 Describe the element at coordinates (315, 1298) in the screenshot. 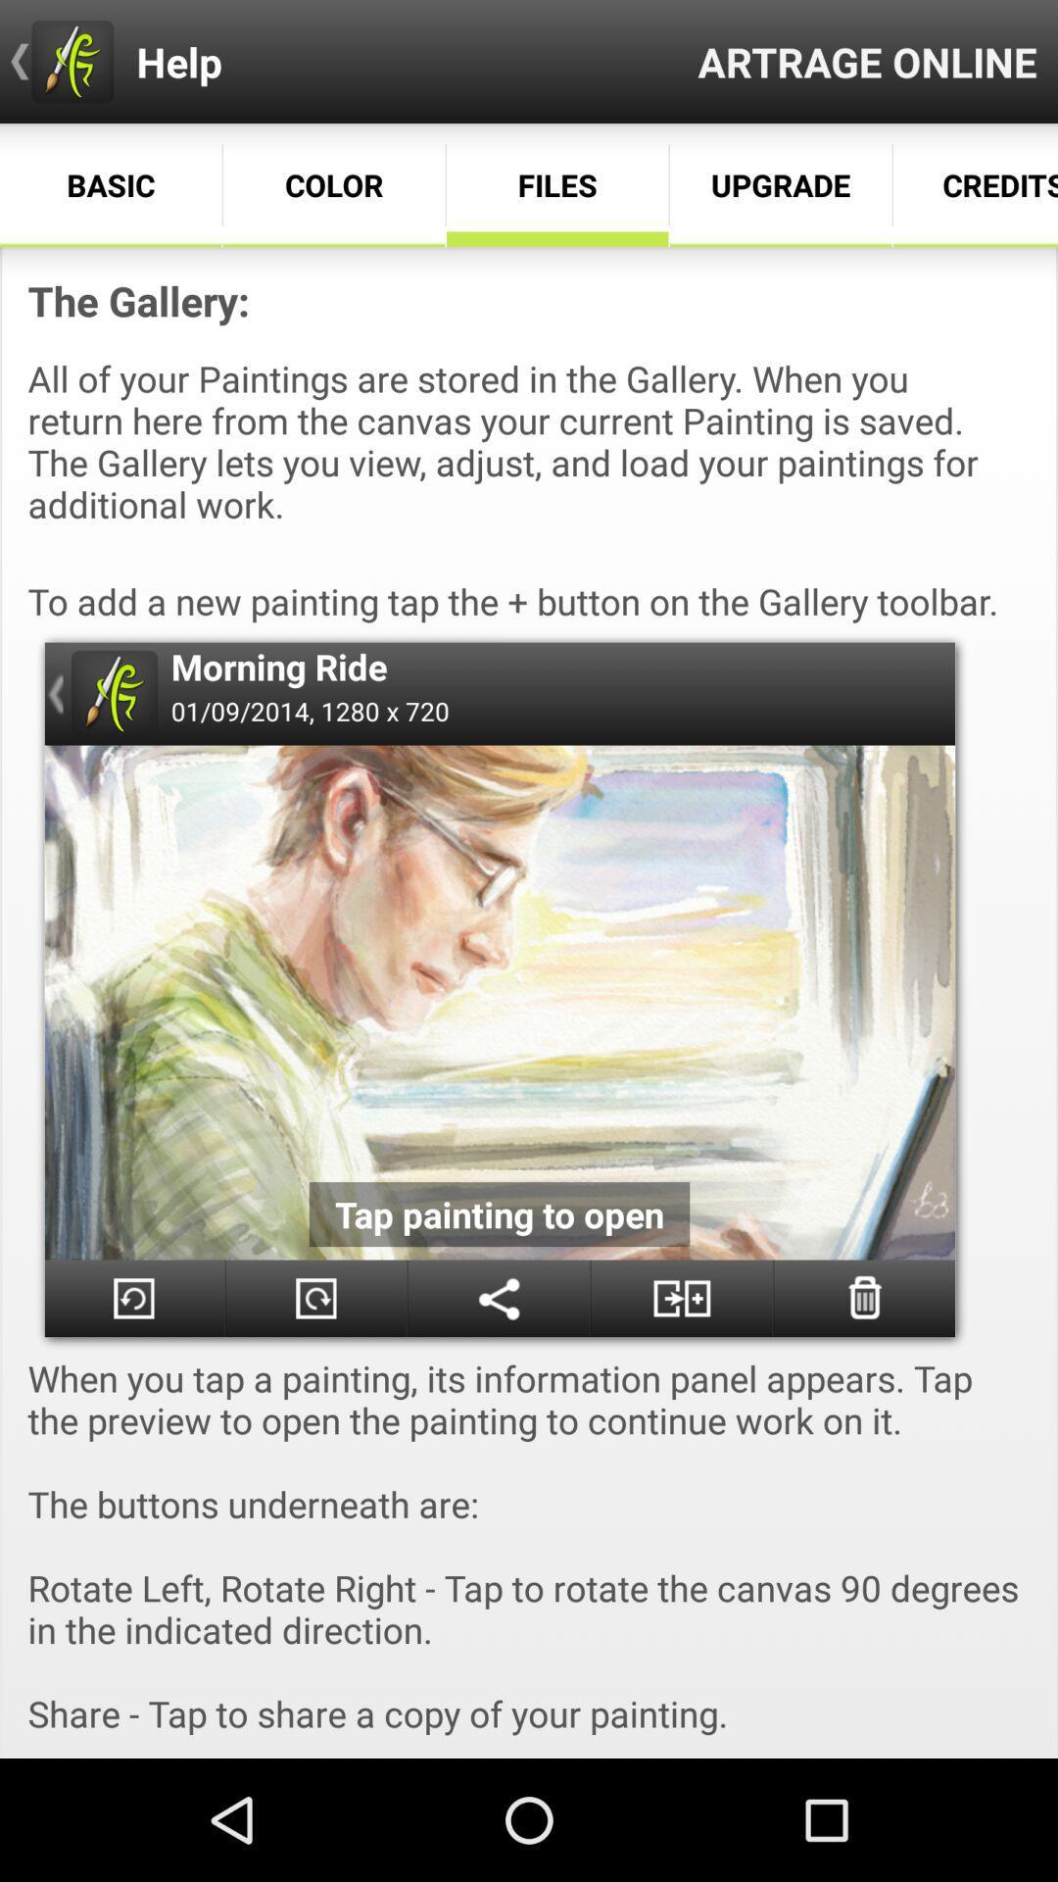

I see `the option which is before share button` at that location.